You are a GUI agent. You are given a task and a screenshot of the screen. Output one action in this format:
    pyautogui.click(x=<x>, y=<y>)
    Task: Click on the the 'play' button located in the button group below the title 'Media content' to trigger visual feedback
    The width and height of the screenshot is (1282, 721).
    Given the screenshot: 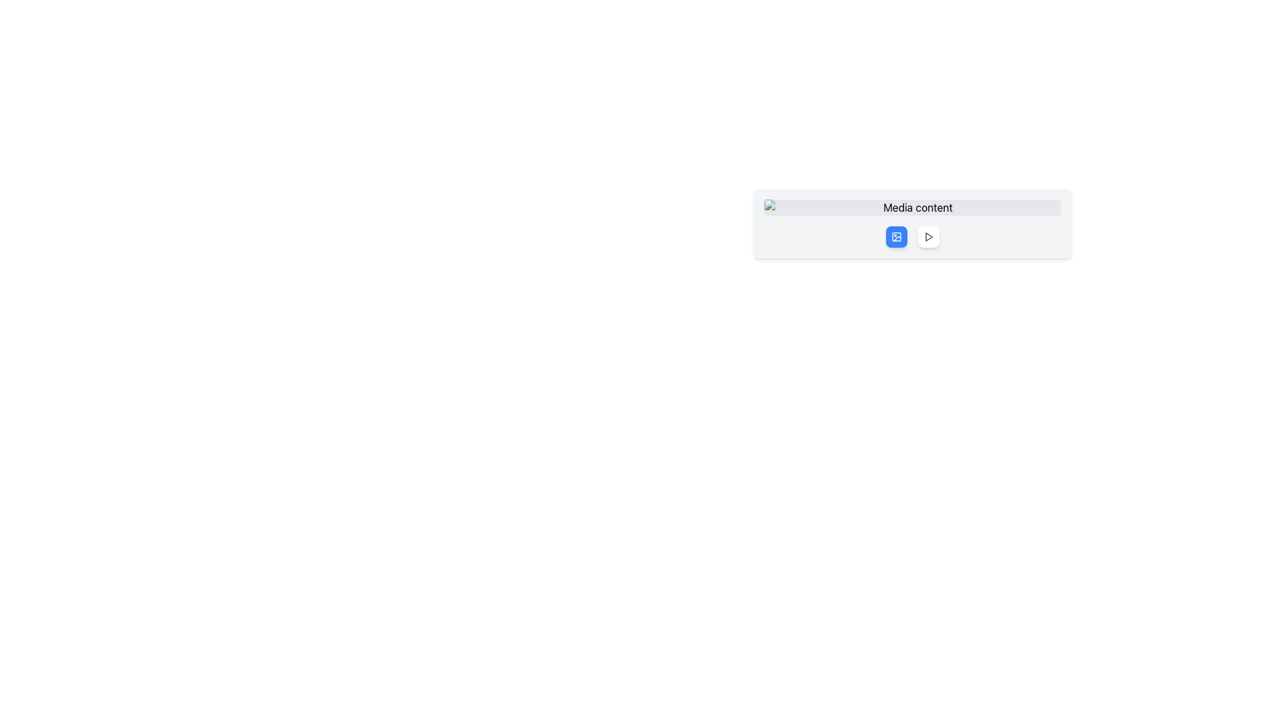 What is the action you would take?
    pyautogui.click(x=928, y=236)
    